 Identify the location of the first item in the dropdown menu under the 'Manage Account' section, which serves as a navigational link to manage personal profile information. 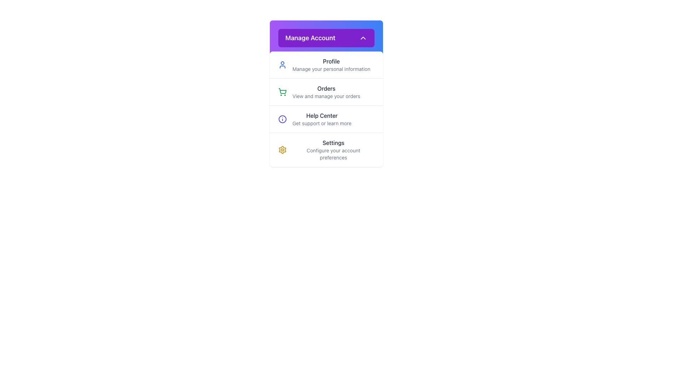
(326, 65).